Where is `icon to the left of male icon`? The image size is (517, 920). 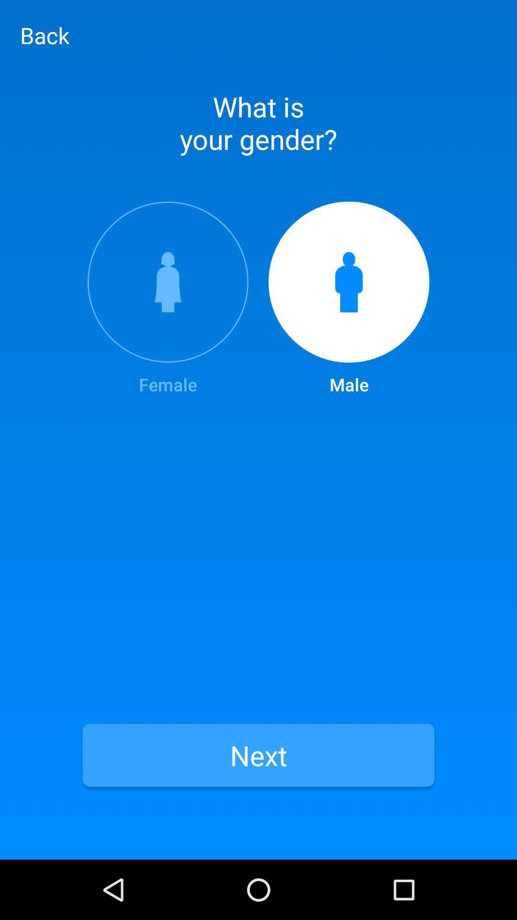
icon to the left of male icon is located at coordinates (168, 299).